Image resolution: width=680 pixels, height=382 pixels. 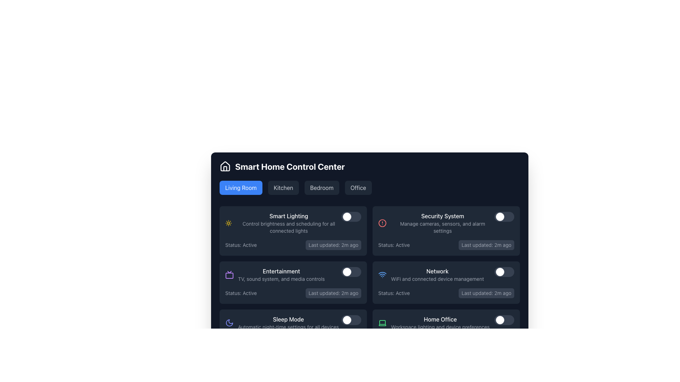 What do you see at coordinates (281, 279) in the screenshot?
I see `the text element displaying 'TV, sound system, and media controls' within the 'Entertainment' section of the Smart Home Control Center interface` at bounding box center [281, 279].